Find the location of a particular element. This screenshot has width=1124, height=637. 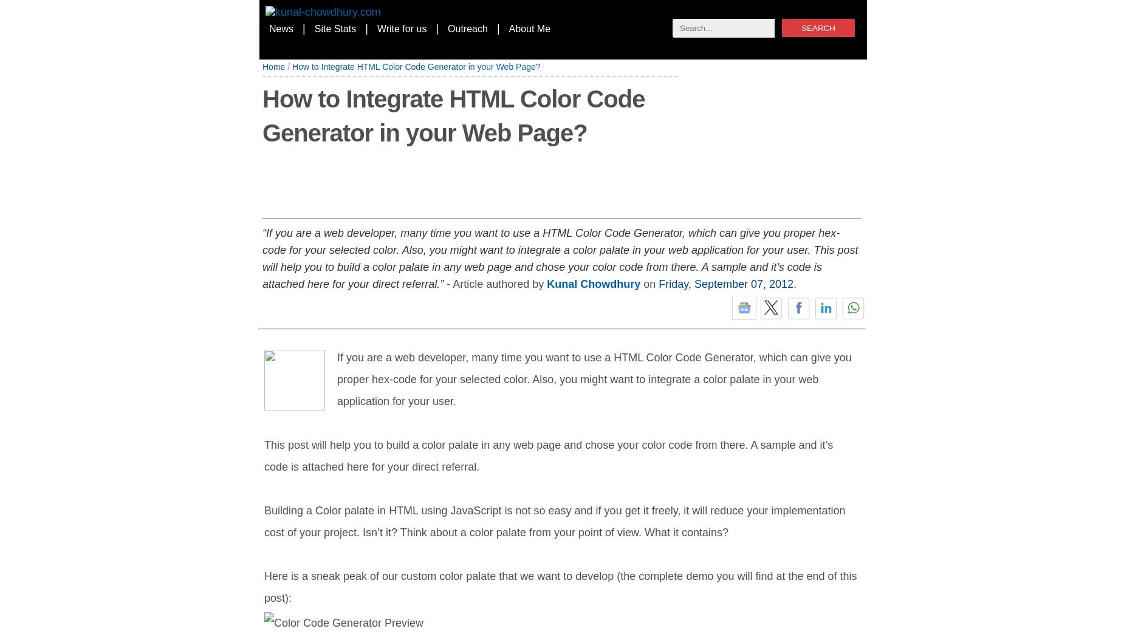

'If you are a web developer, many time you want to use a HTML Color Code Generator, which can give you proper hex-code for your selected color. Also, you might want to integrate a color palate in your web application for your user.' is located at coordinates (593, 379).